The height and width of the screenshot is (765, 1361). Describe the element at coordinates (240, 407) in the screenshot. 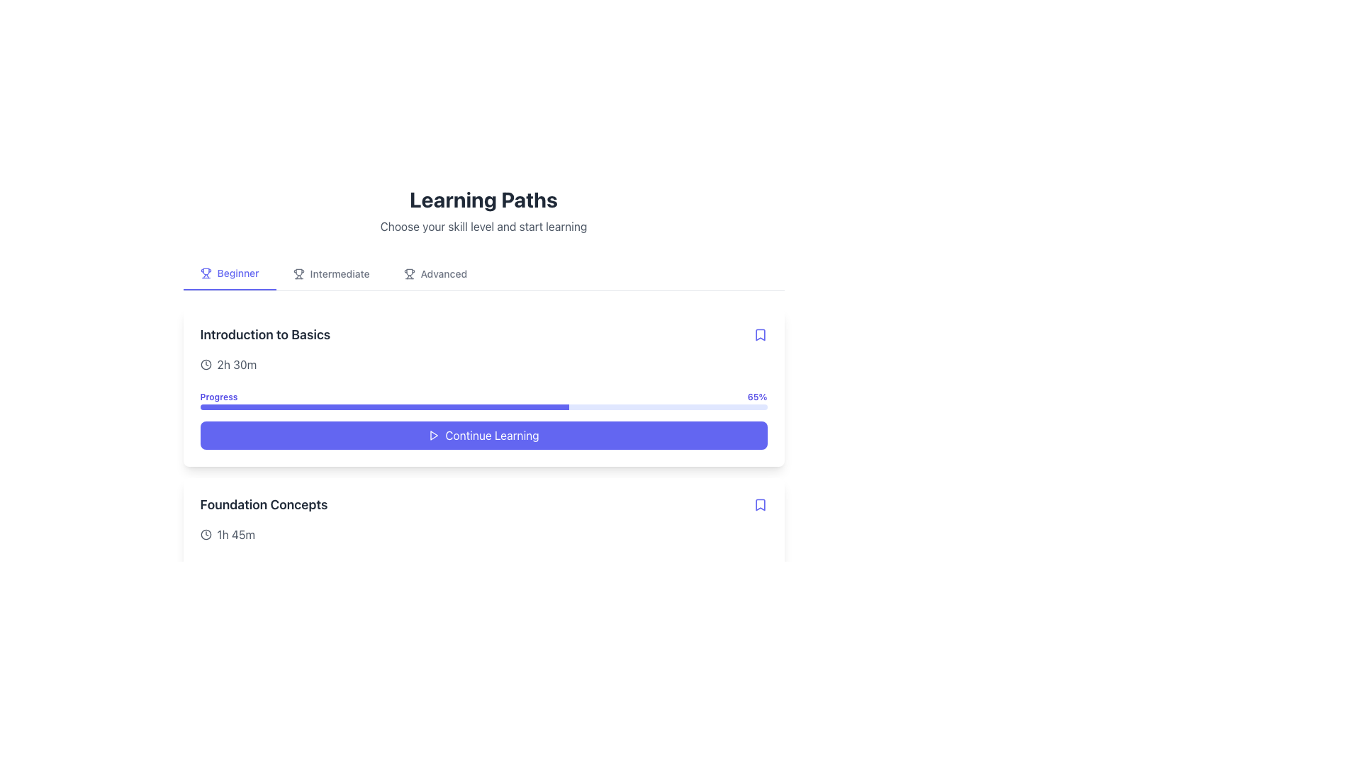

I see `progress bar` at that location.